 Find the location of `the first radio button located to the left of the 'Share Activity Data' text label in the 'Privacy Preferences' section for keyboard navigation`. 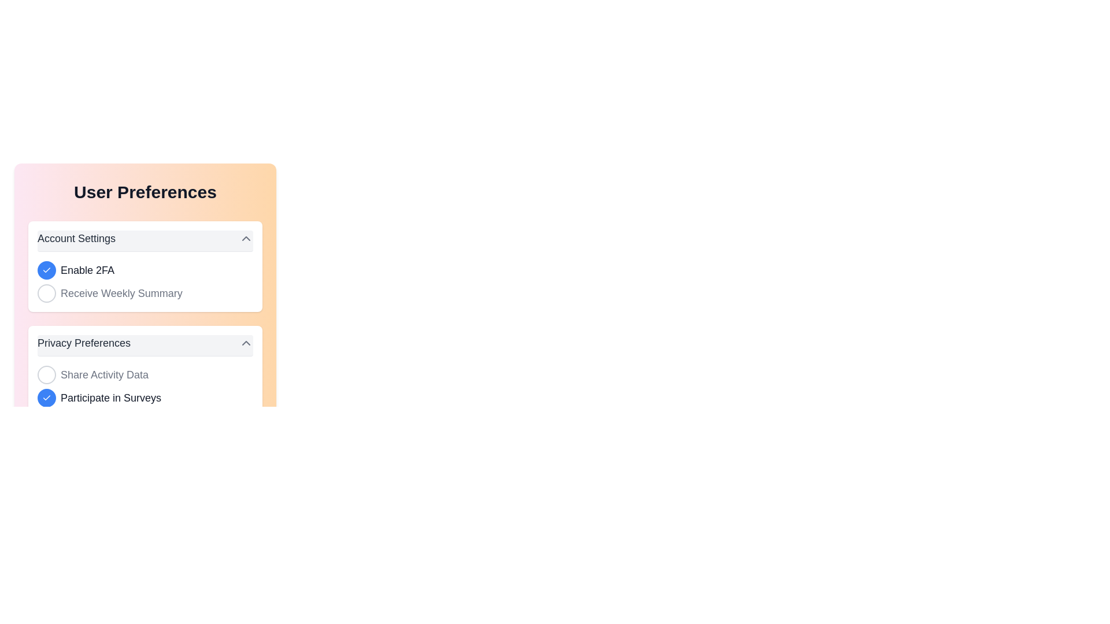

the first radio button located to the left of the 'Share Activity Data' text label in the 'Privacy Preferences' section for keyboard navigation is located at coordinates (46, 374).